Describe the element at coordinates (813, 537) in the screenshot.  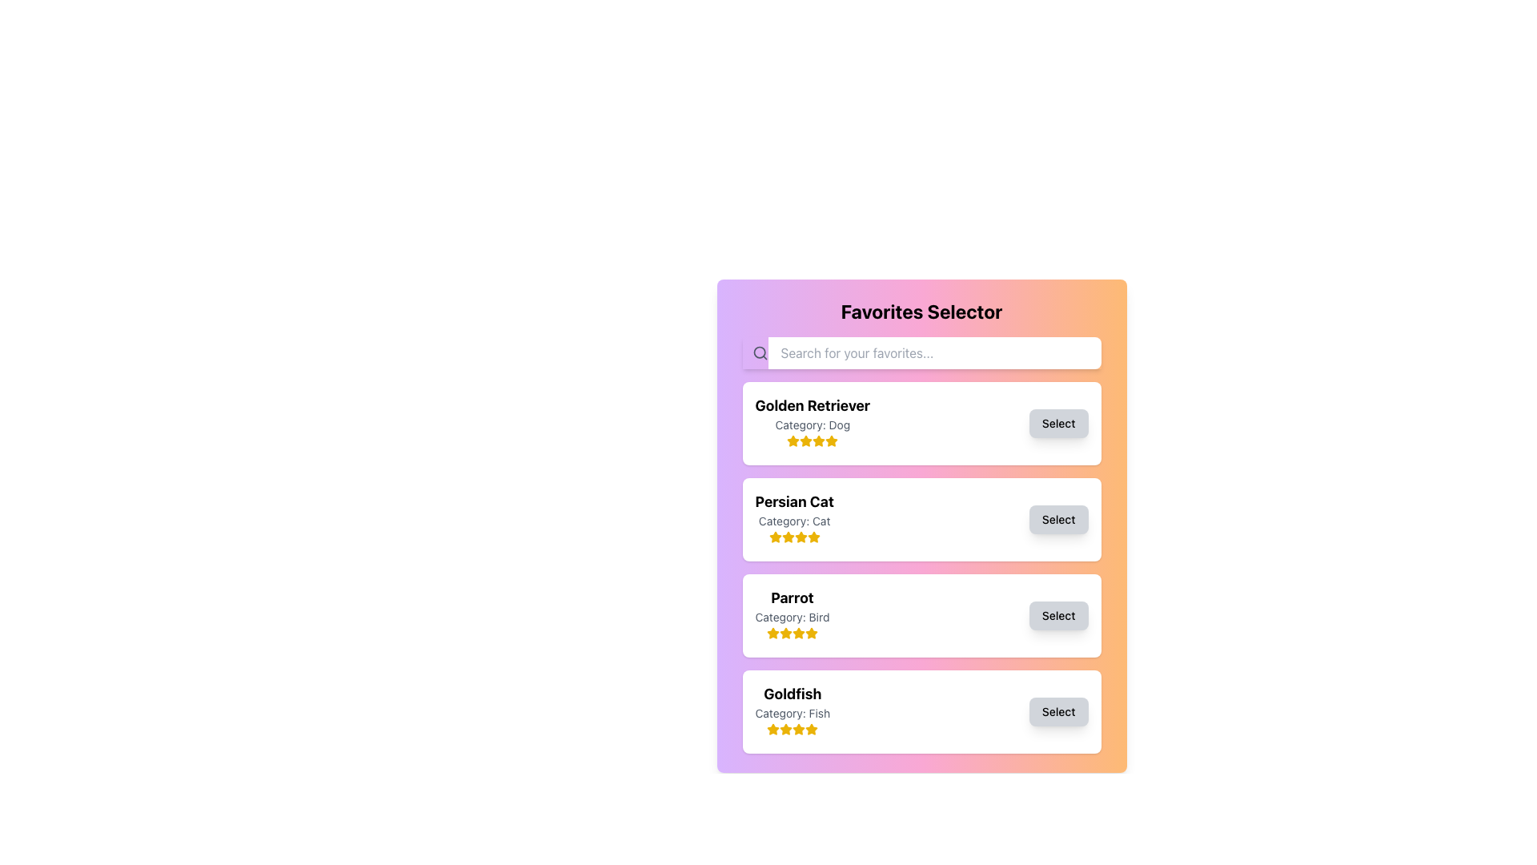
I see `the fourth yellow star-shaped icon in the 'Persian Cat' row, which serves as a rating graphic` at that location.